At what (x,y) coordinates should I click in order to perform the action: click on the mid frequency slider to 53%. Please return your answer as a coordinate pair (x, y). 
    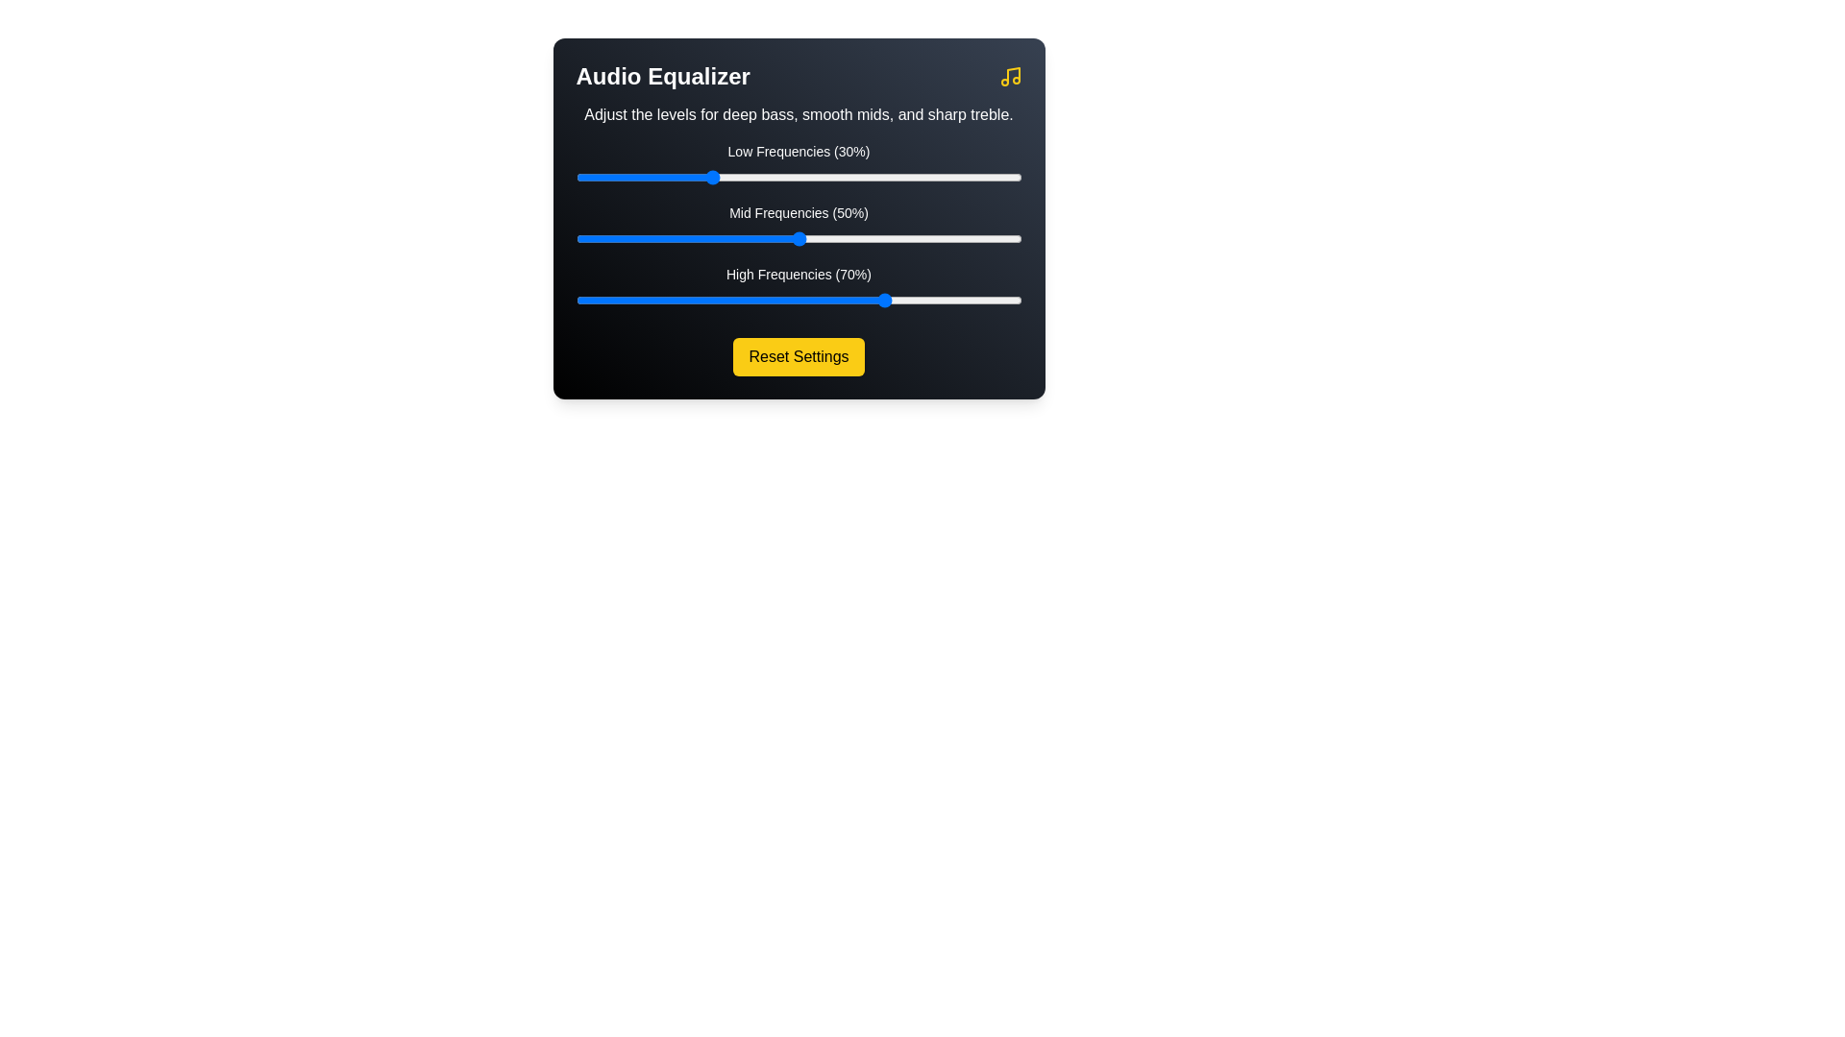
    Looking at the image, I should click on (812, 238).